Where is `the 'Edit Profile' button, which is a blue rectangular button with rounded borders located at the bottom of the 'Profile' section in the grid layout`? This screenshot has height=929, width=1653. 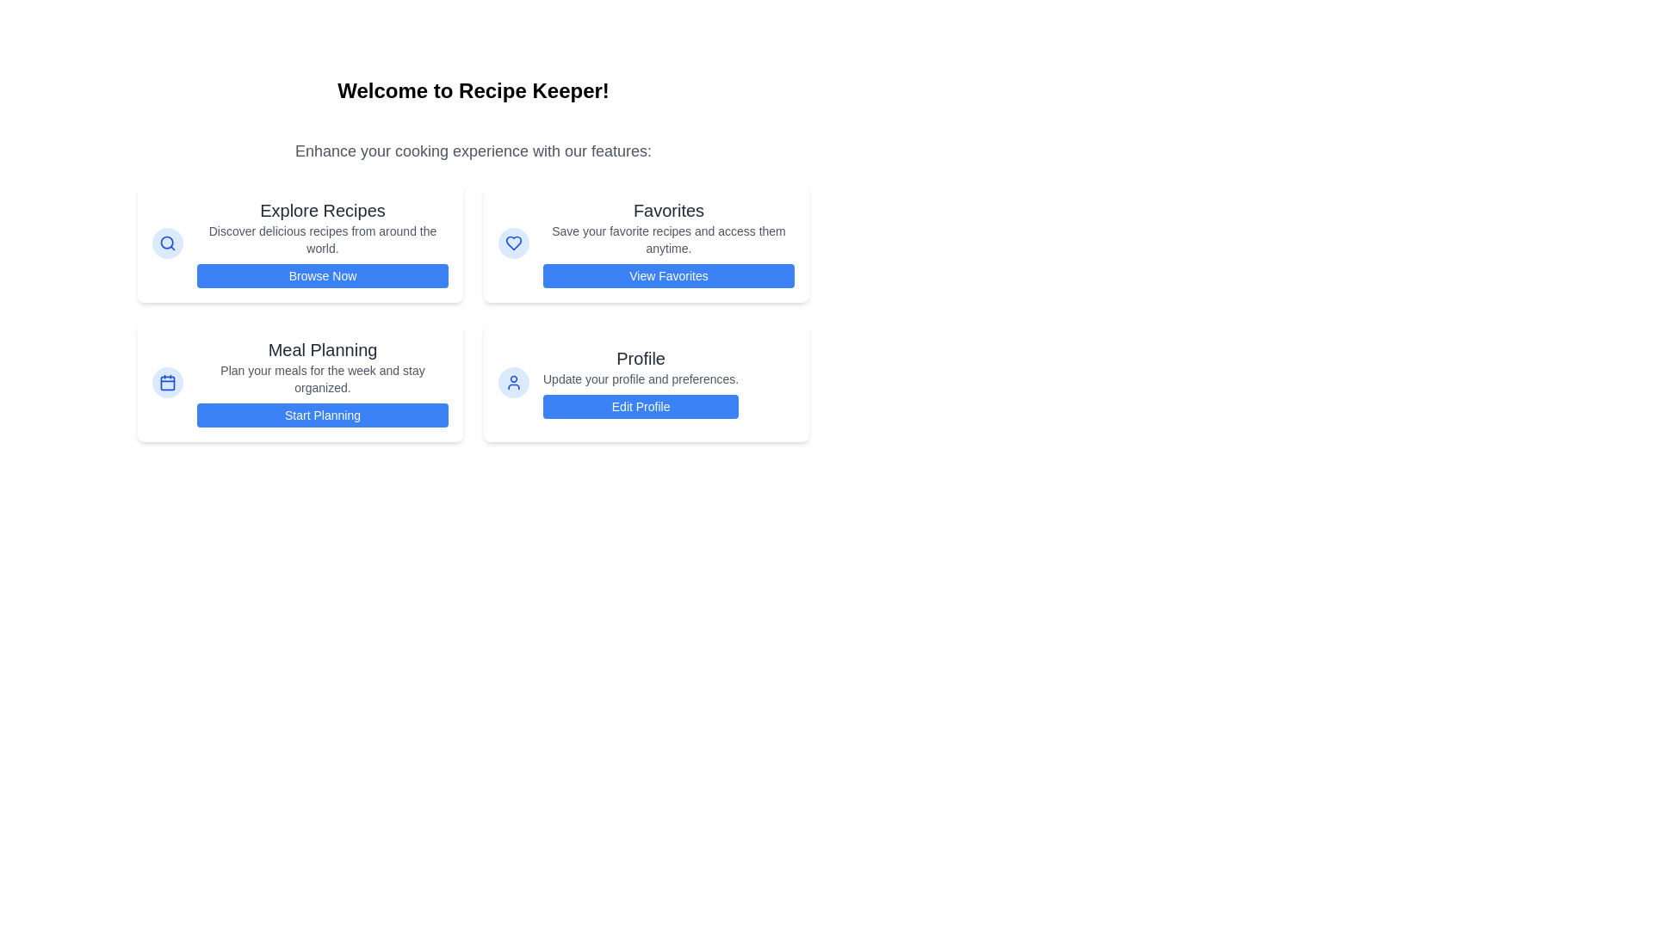 the 'Edit Profile' button, which is a blue rectangular button with rounded borders located at the bottom of the 'Profile' section in the grid layout is located at coordinates (640, 407).